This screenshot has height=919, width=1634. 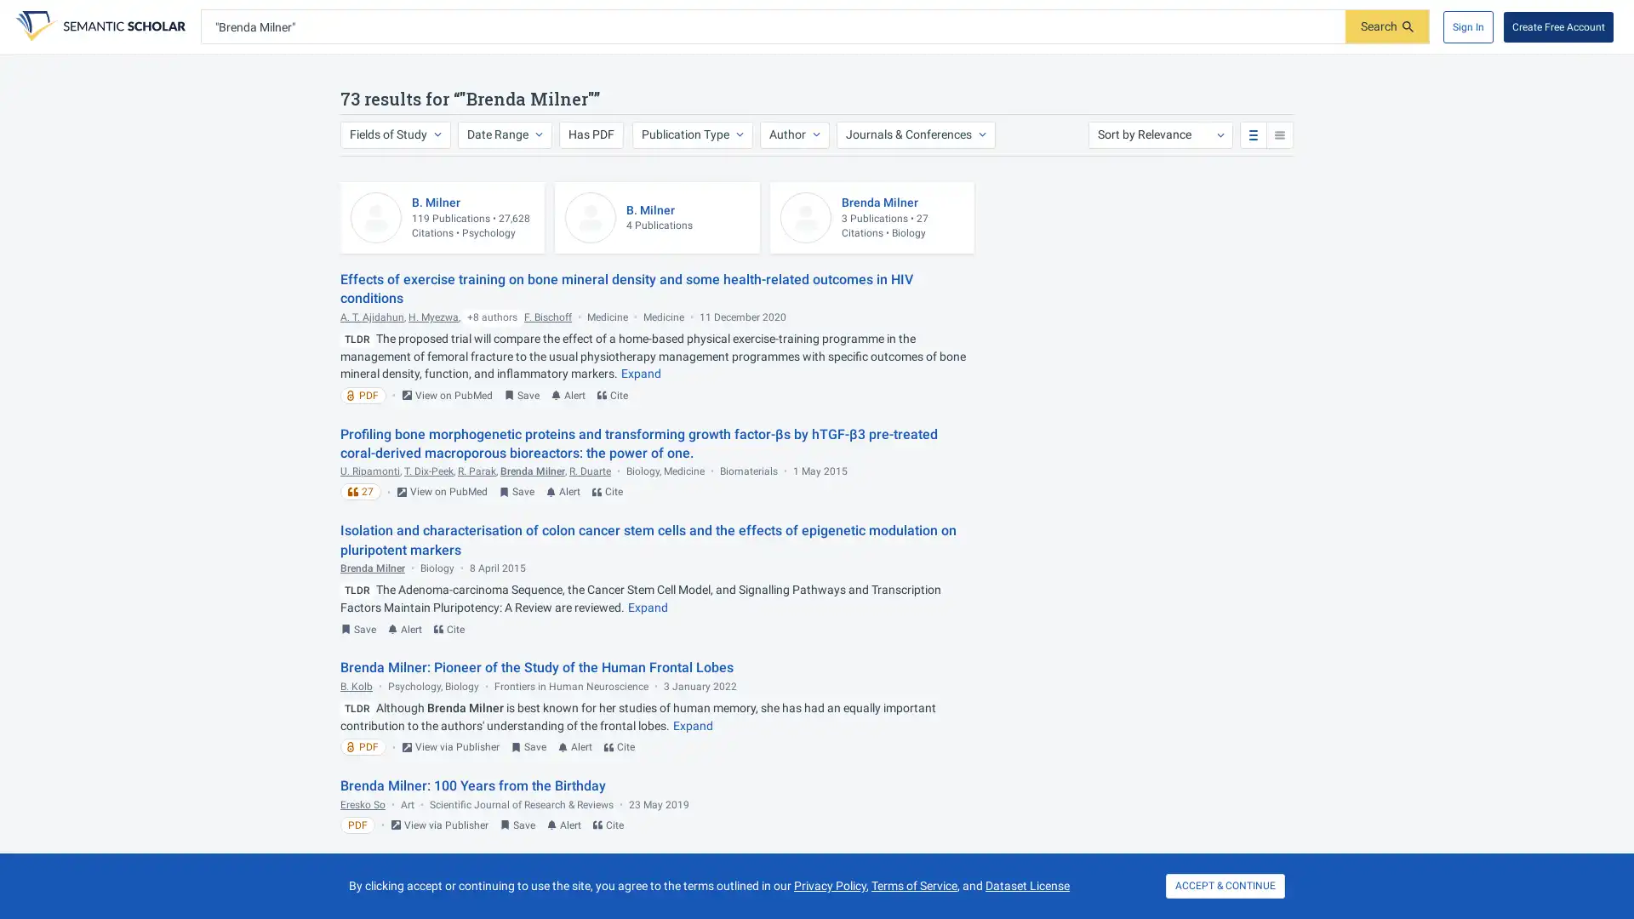 What do you see at coordinates (608, 492) in the screenshot?
I see `Cite this paper` at bounding box center [608, 492].